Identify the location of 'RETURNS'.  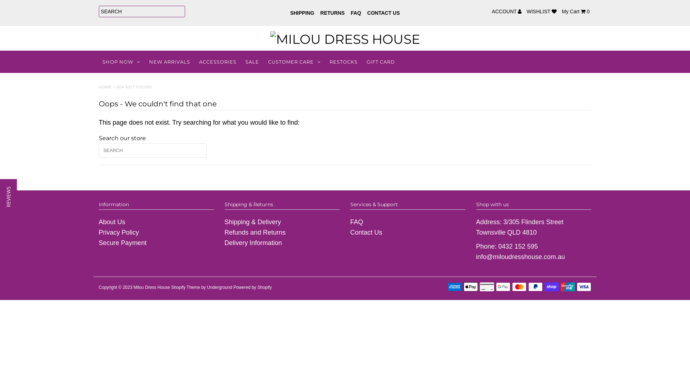
(332, 13).